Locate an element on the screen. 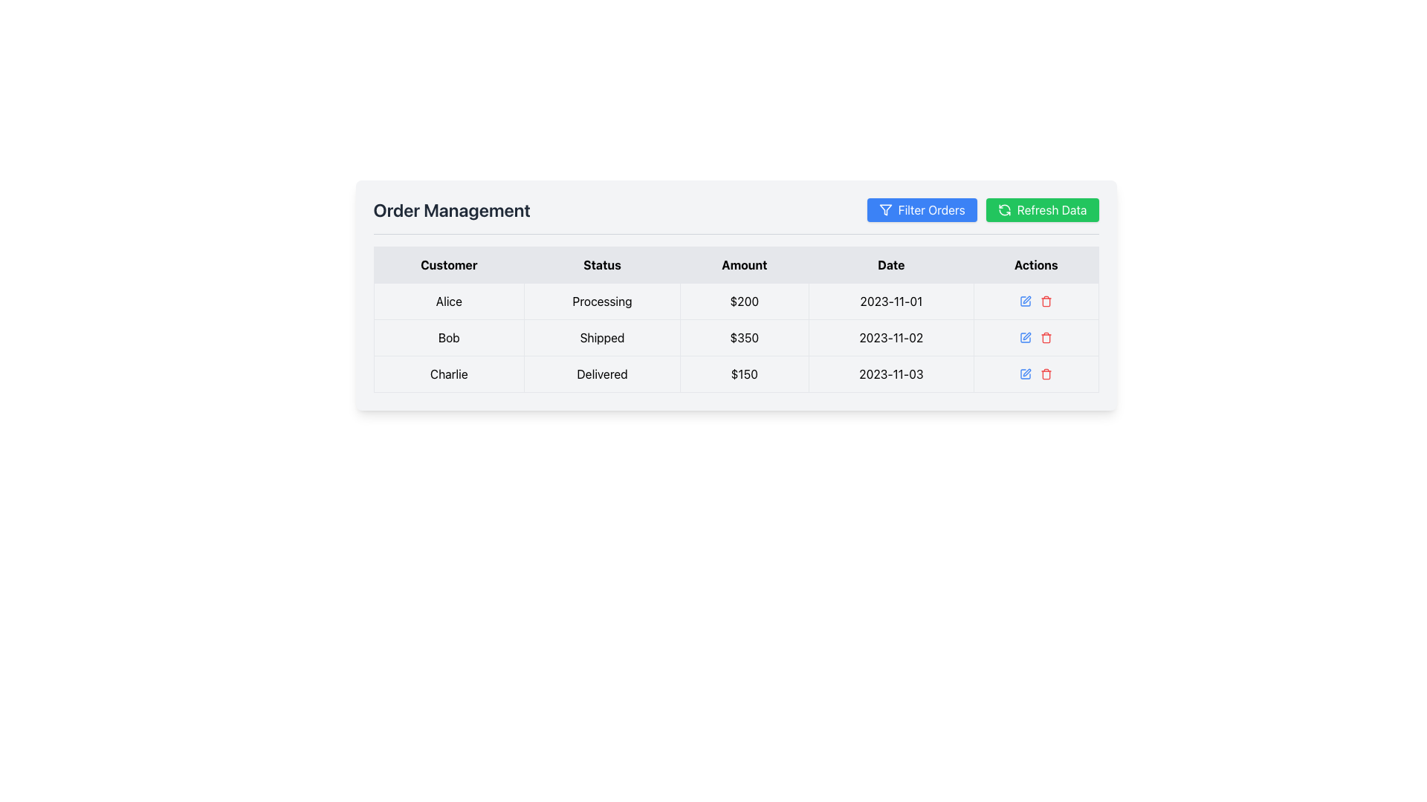 This screenshot has height=802, width=1427. the edit icon in the Actions column for the user named 'Bob' is located at coordinates (1026, 336).